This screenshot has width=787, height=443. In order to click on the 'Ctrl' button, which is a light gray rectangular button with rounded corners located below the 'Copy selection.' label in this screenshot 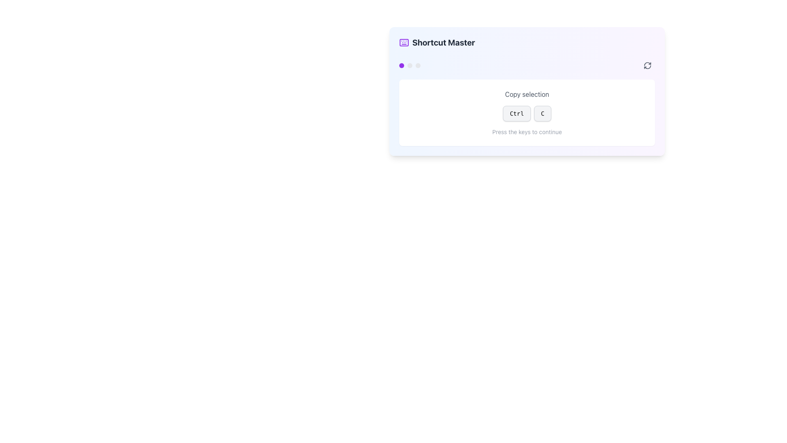, I will do `click(516, 114)`.